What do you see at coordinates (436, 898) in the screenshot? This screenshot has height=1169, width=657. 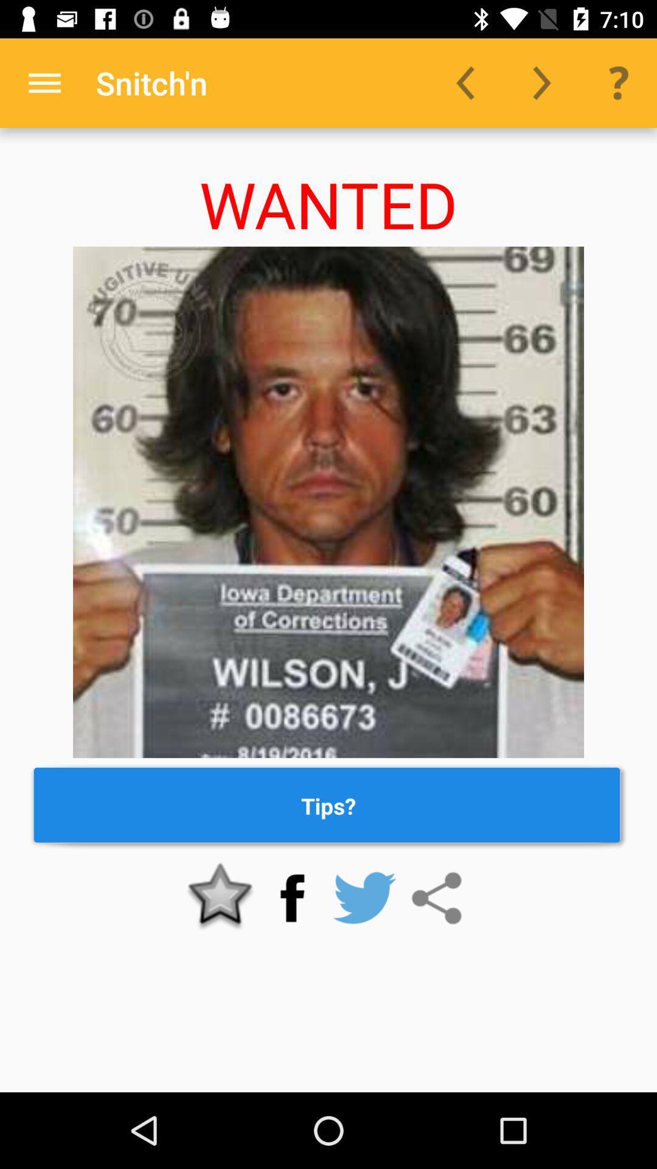 I see `click sharing icon` at bounding box center [436, 898].